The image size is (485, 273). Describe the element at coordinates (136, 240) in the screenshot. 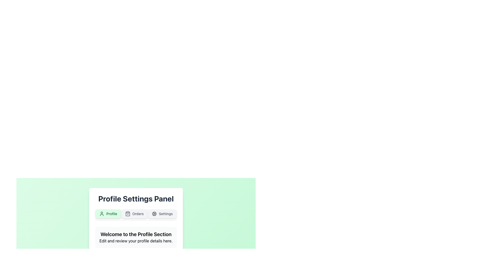

I see `the static text element that reads 'Edit and review your profile details here.' which is positioned below the header 'Welcome to the Profile Section'` at that location.